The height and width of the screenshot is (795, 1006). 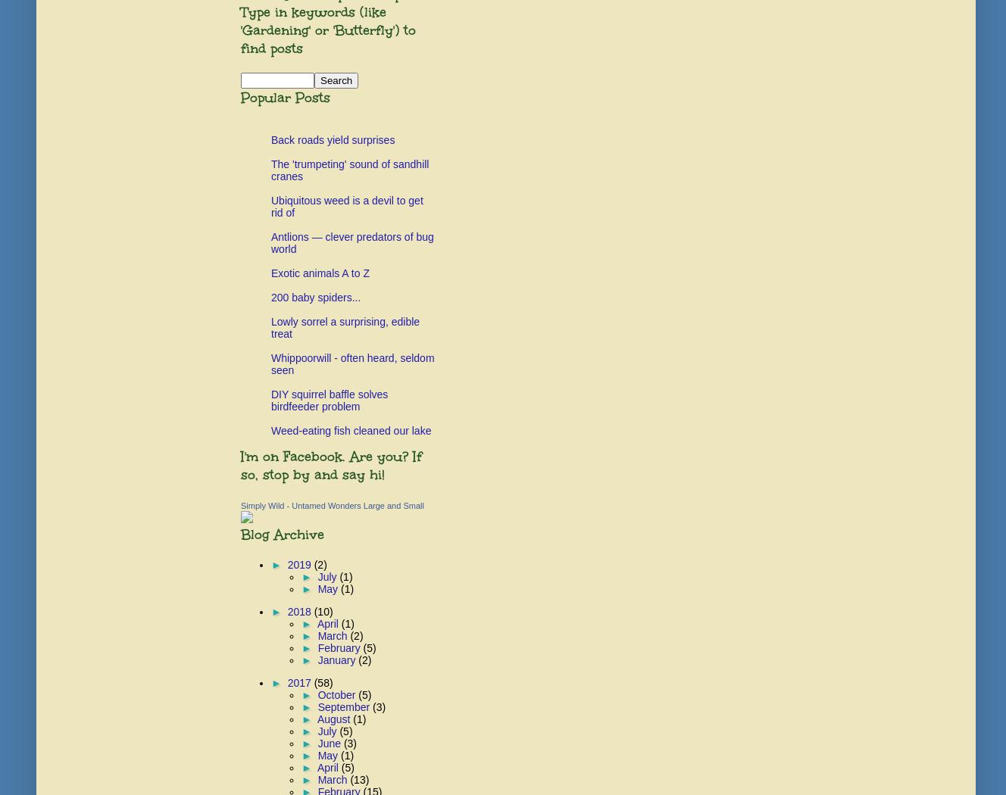 What do you see at coordinates (270, 364) in the screenshot?
I see `'Whippoorwill - often heard, seldom seen'` at bounding box center [270, 364].